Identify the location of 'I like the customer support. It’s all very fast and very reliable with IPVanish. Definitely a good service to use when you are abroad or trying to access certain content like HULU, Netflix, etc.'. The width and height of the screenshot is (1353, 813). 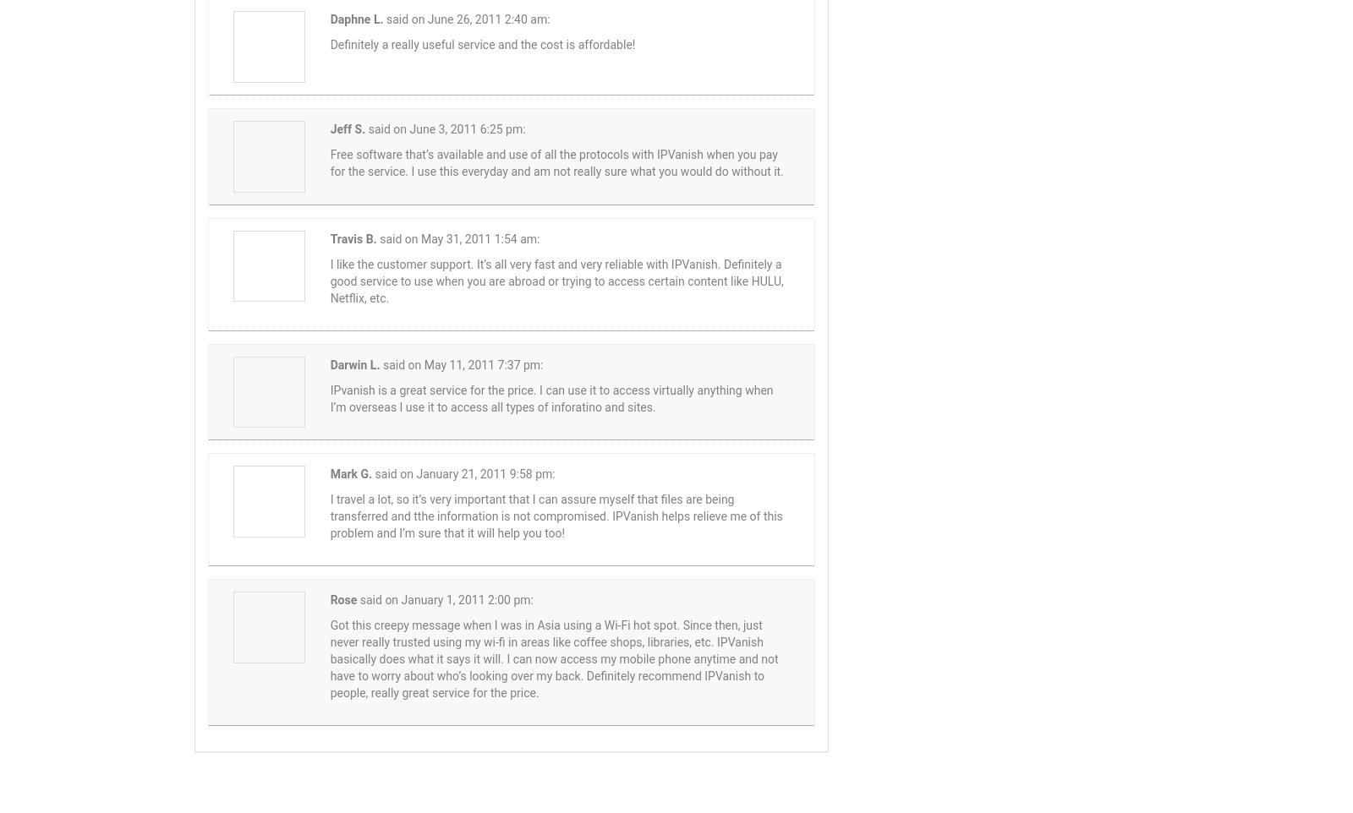
(329, 279).